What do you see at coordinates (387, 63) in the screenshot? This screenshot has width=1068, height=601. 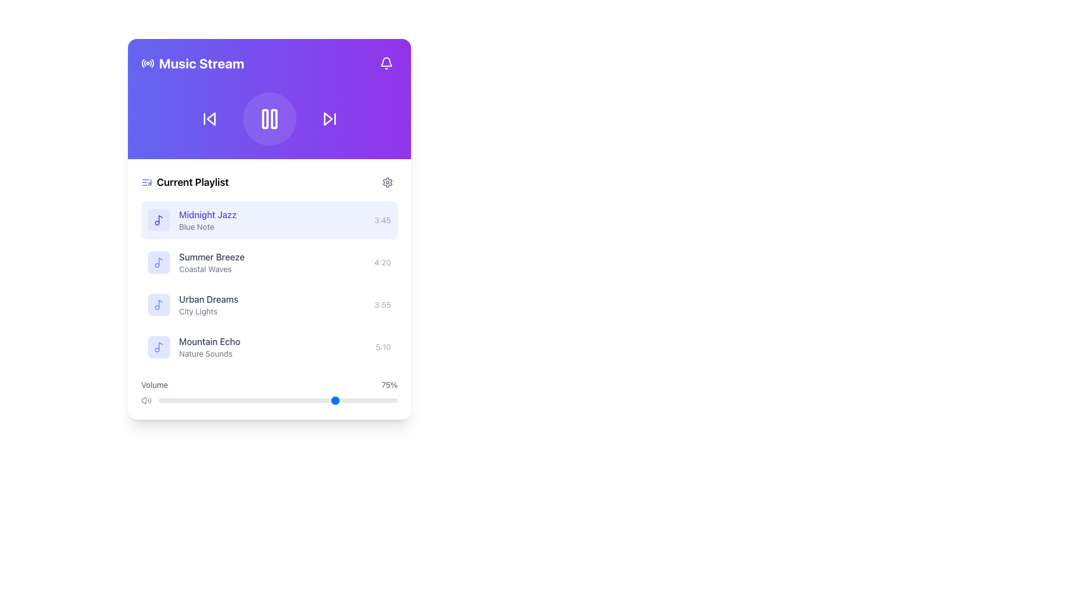 I see `the notification bell icon located in the top-right corner of the purple 'Music Stream' section to check for updates or alerts` at bounding box center [387, 63].